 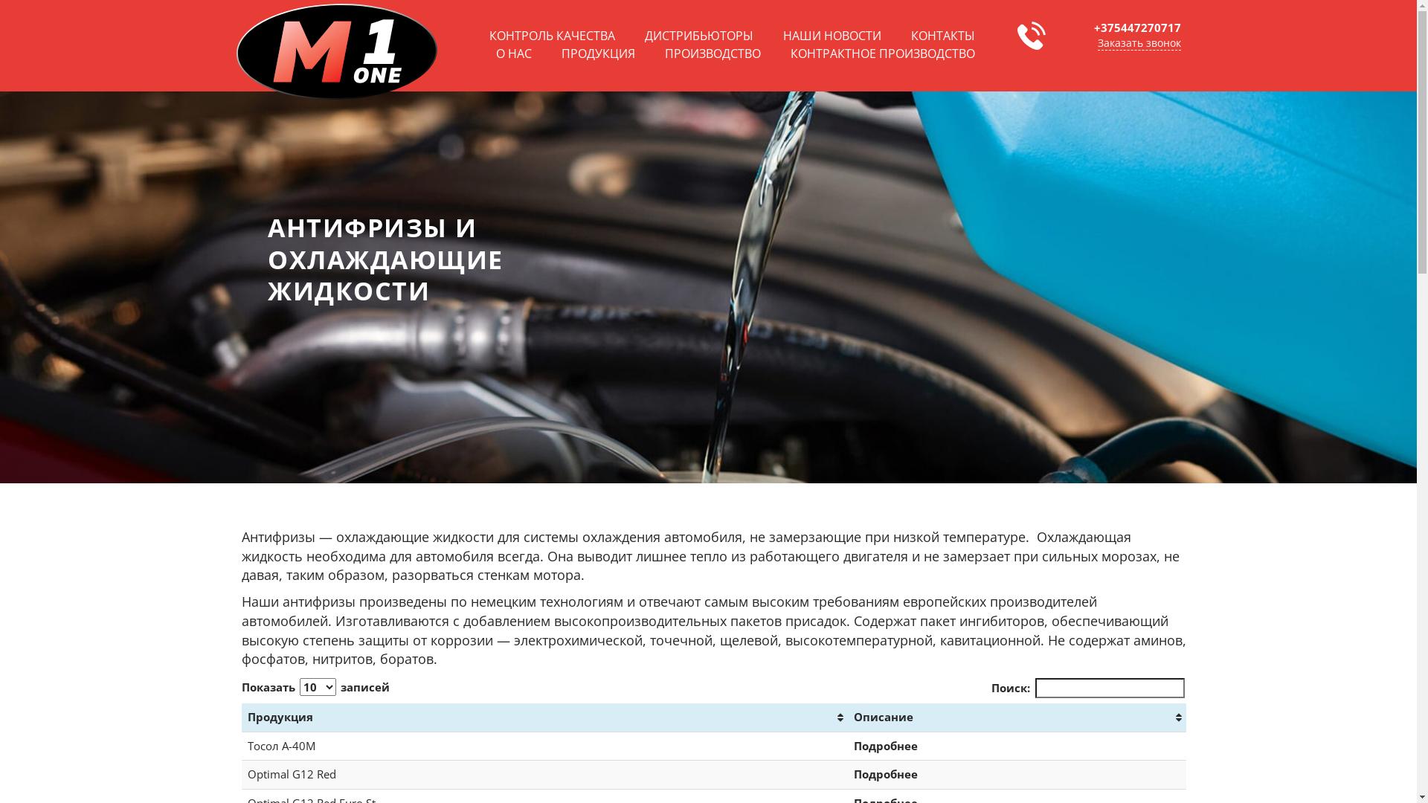 What do you see at coordinates (1136, 28) in the screenshot?
I see `'+375447270717'` at bounding box center [1136, 28].